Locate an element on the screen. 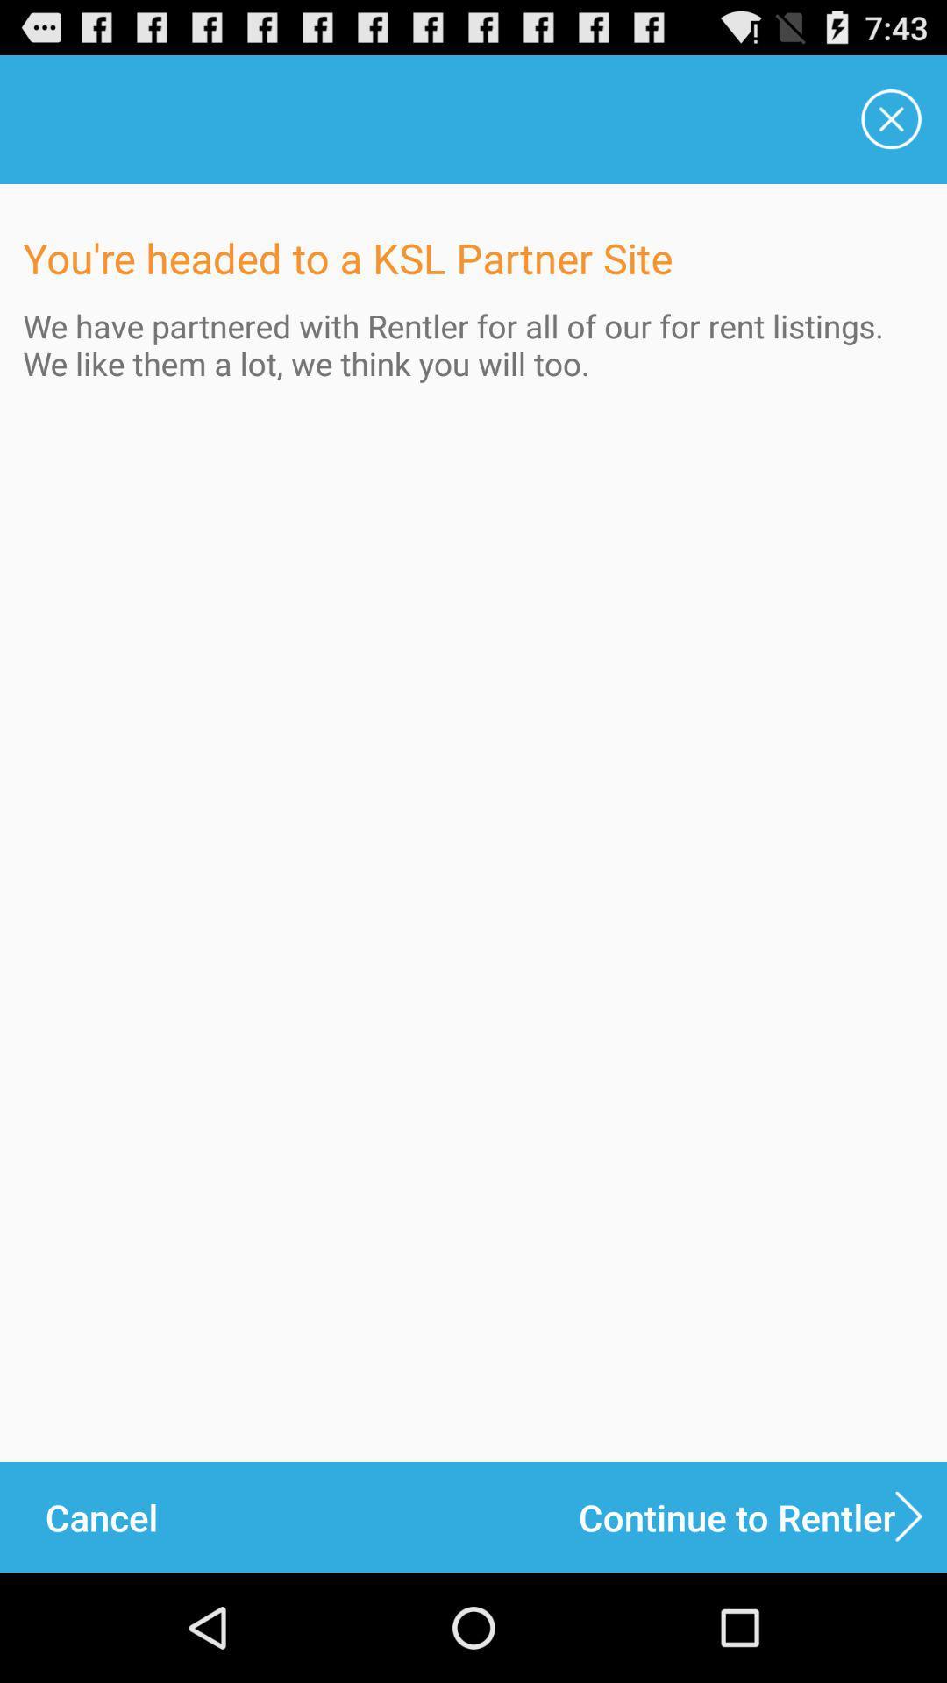 This screenshot has width=947, height=1683. continue to rentler icon is located at coordinates (762, 1516).